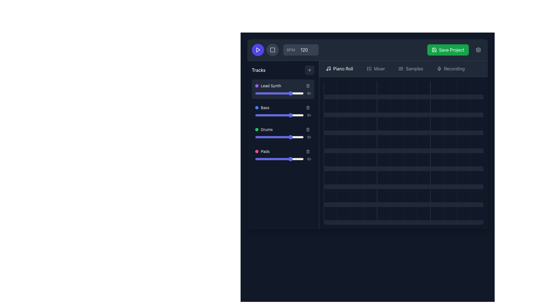 This screenshot has height=303, width=539. What do you see at coordinates (396, 214) in the screenshot?
I see `the grid cell located in the bottom-right side of the grid, specifically in the twelfth column and last row, which serves as a visual indicator` at bounding box center [396, 214].